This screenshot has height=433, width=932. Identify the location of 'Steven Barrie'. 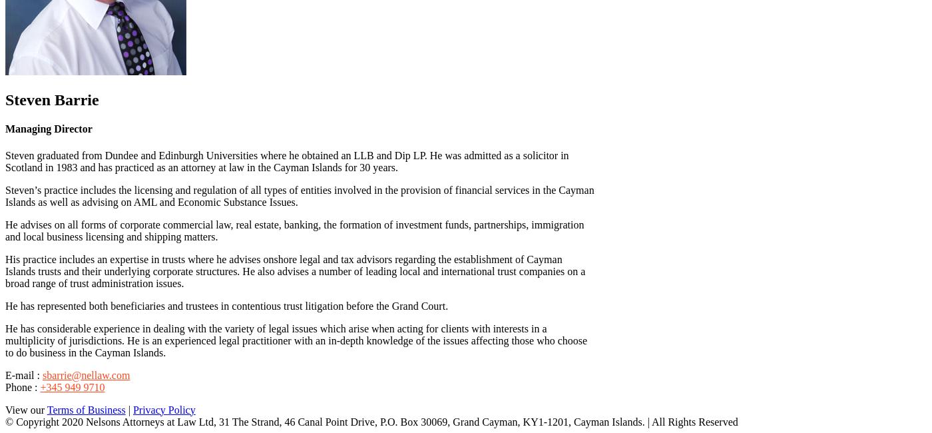
(51, 99).